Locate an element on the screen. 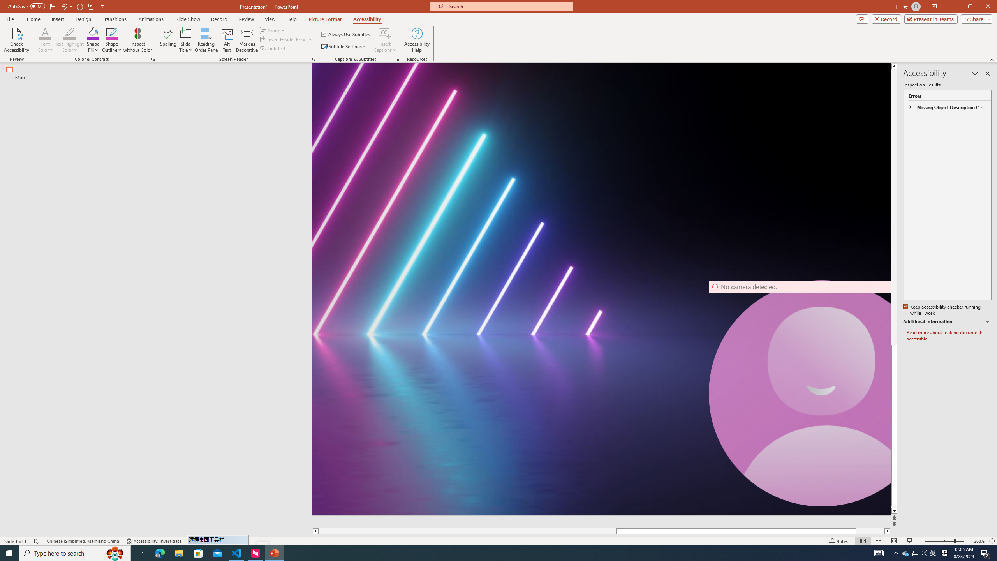  'Link Text' is located at coordinates (273, 48).